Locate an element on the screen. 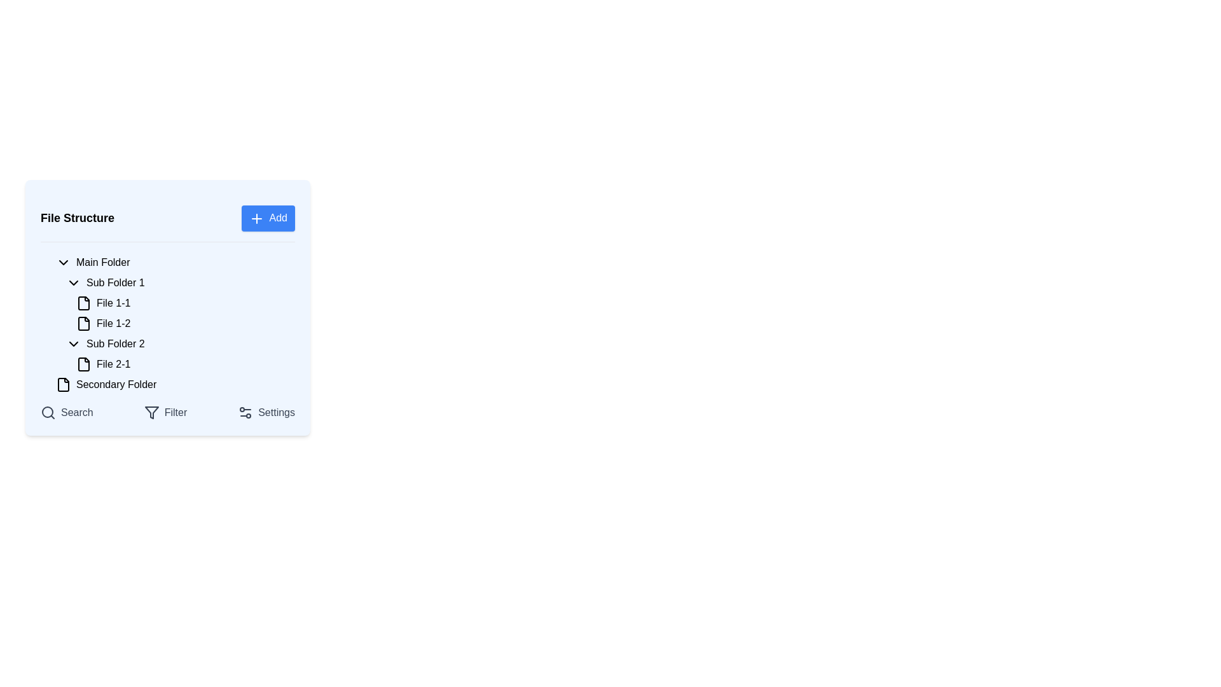 The width and height of the screenshot is (1221, 687). the text label representing the folder named 'Sub Folder 2' is located at coordinates (115, 343).